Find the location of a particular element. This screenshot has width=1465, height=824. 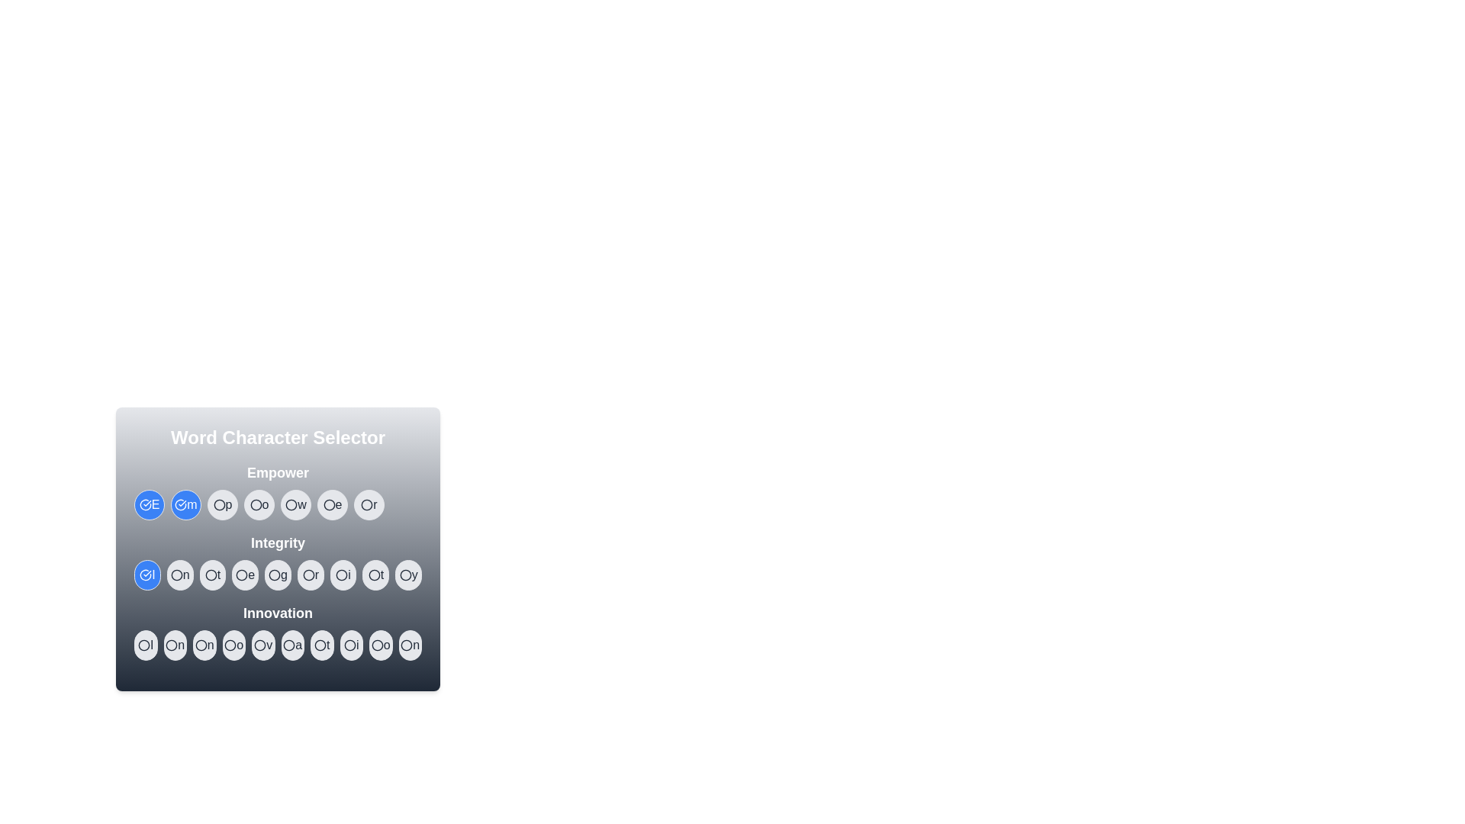

the character m in the word Empower is located at coordinates (185, 505).